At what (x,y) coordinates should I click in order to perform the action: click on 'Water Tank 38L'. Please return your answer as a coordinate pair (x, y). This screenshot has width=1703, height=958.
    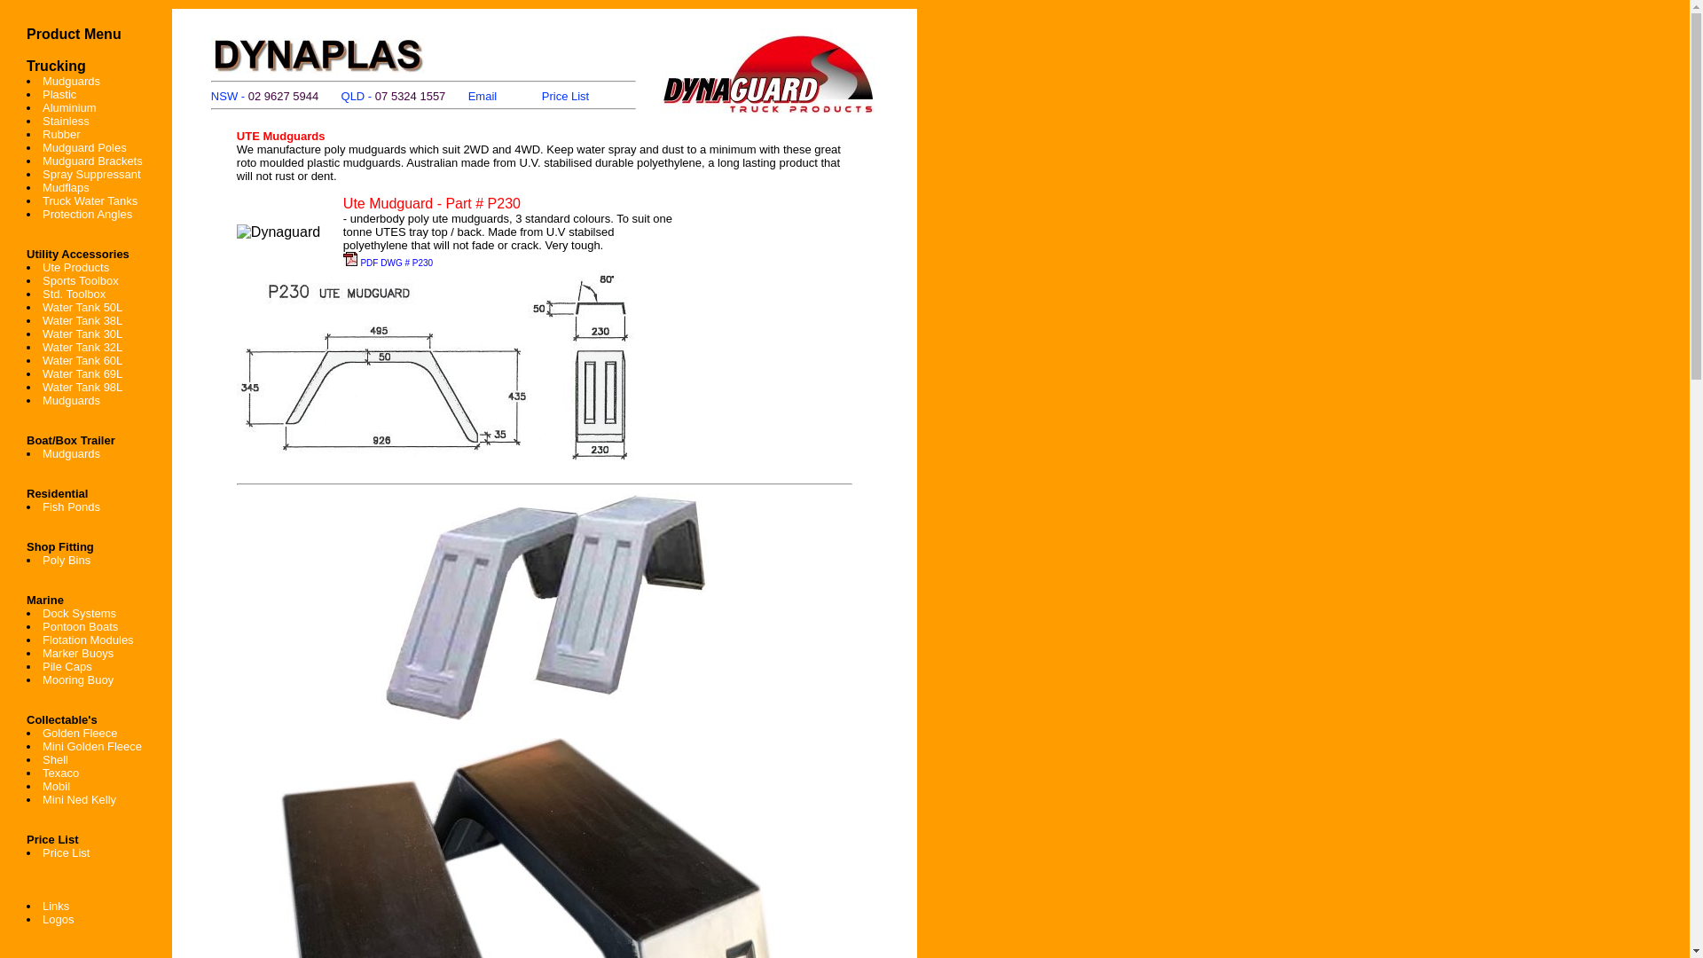
    Looking at the image, I should click on (81, 320).